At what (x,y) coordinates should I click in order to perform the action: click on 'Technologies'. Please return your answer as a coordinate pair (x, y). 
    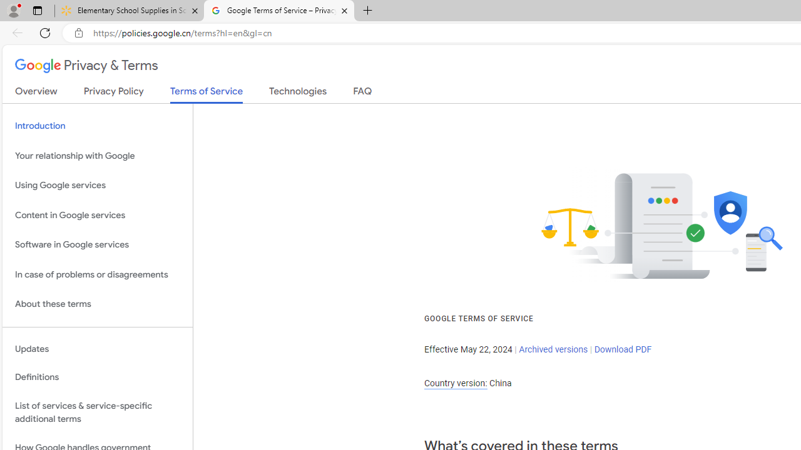
    Looking at the image, I should click on (297, 93).